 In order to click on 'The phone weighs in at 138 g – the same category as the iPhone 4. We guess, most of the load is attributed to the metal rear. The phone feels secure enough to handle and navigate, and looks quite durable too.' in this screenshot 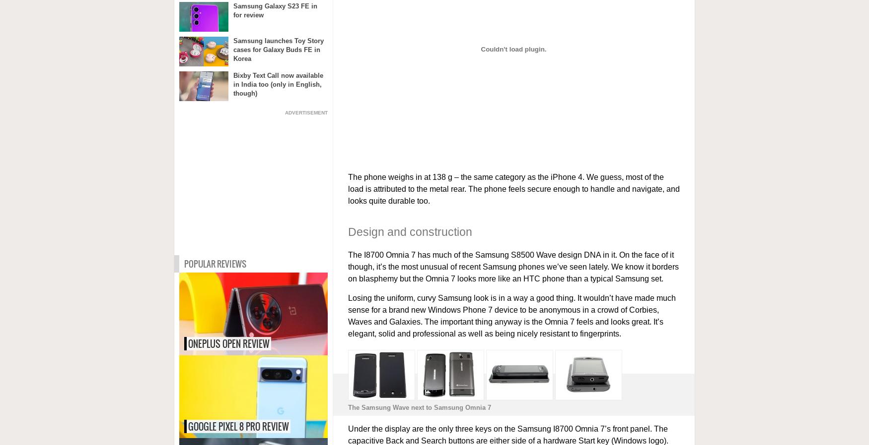, I will do `click(513, 189)`.